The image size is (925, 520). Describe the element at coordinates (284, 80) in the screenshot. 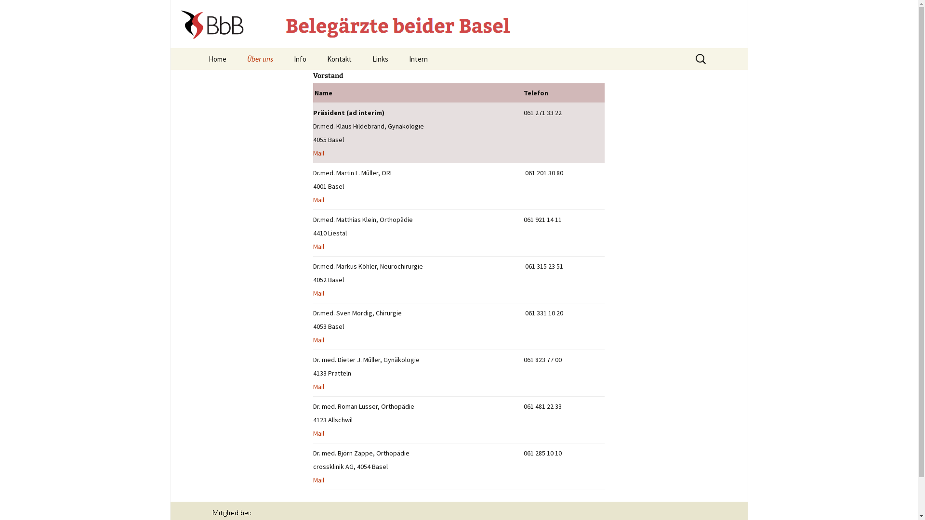

I see `'Die BbB'` at that location.